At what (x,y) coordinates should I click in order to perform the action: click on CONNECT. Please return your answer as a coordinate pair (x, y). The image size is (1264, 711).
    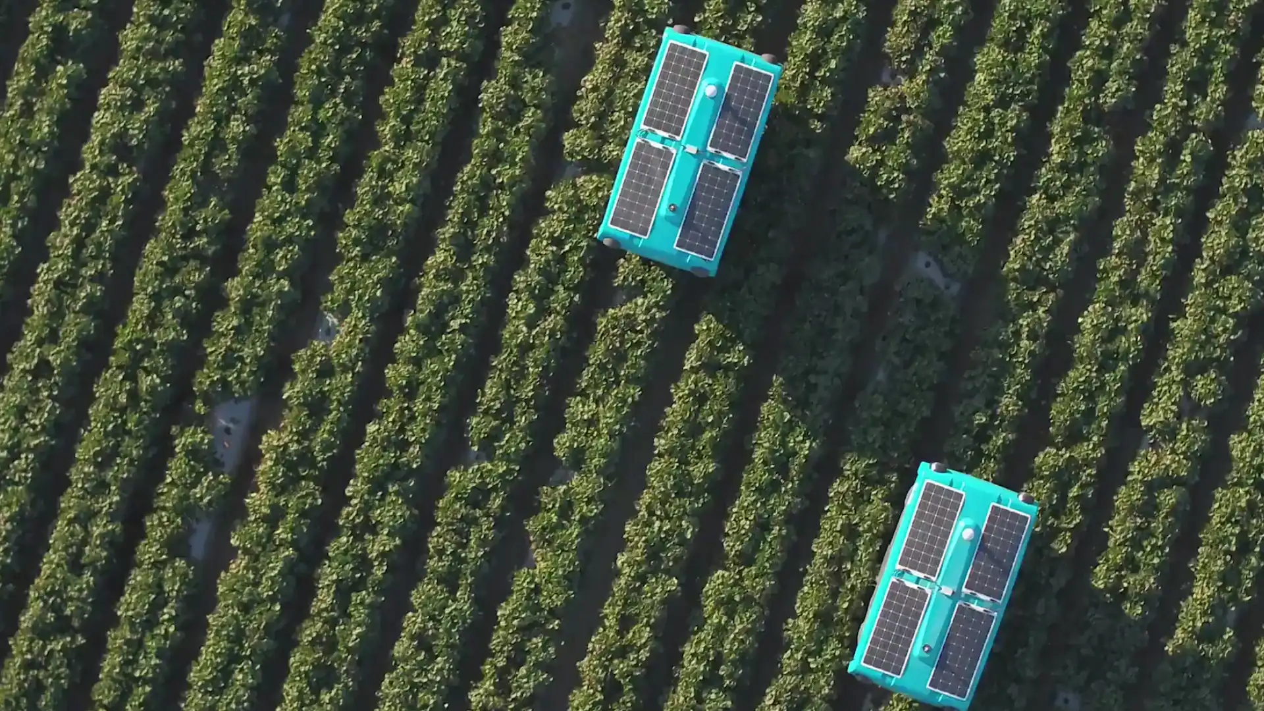
    Looking at the image, I should click on (782, 174).